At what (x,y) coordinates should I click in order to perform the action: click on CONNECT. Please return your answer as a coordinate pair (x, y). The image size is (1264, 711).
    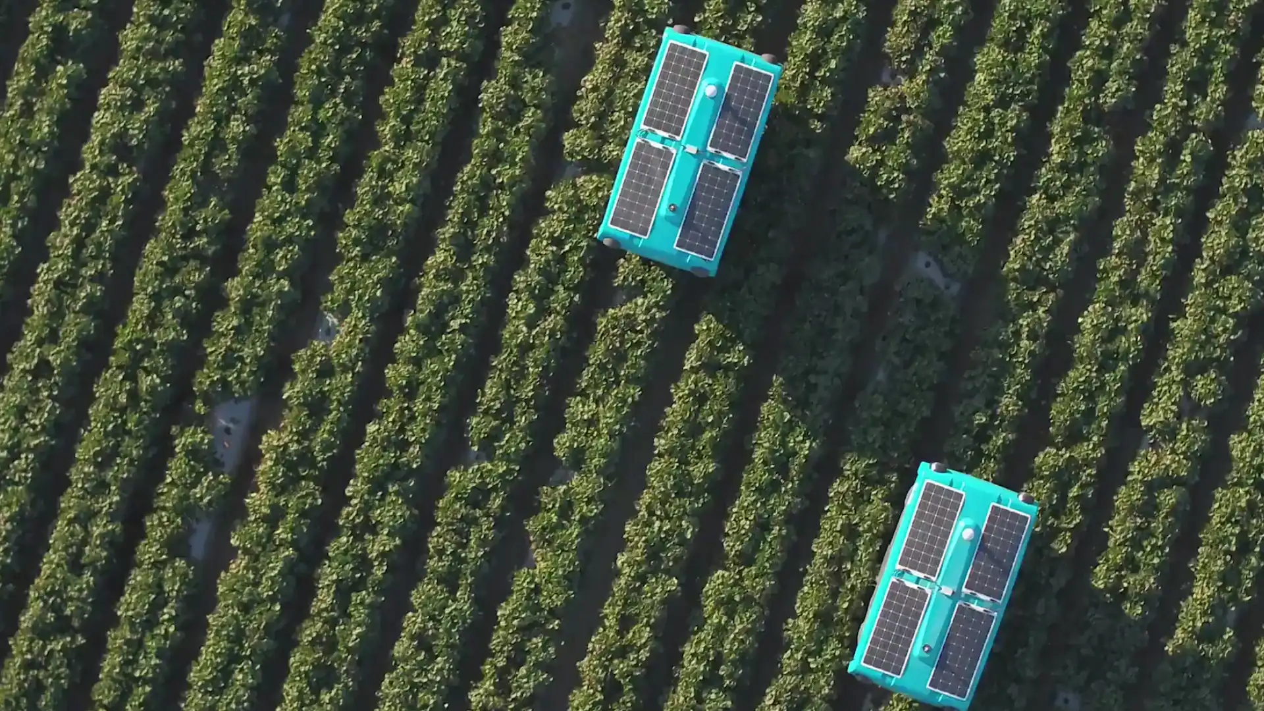
    Looking at the image, I should click on (782, 174).